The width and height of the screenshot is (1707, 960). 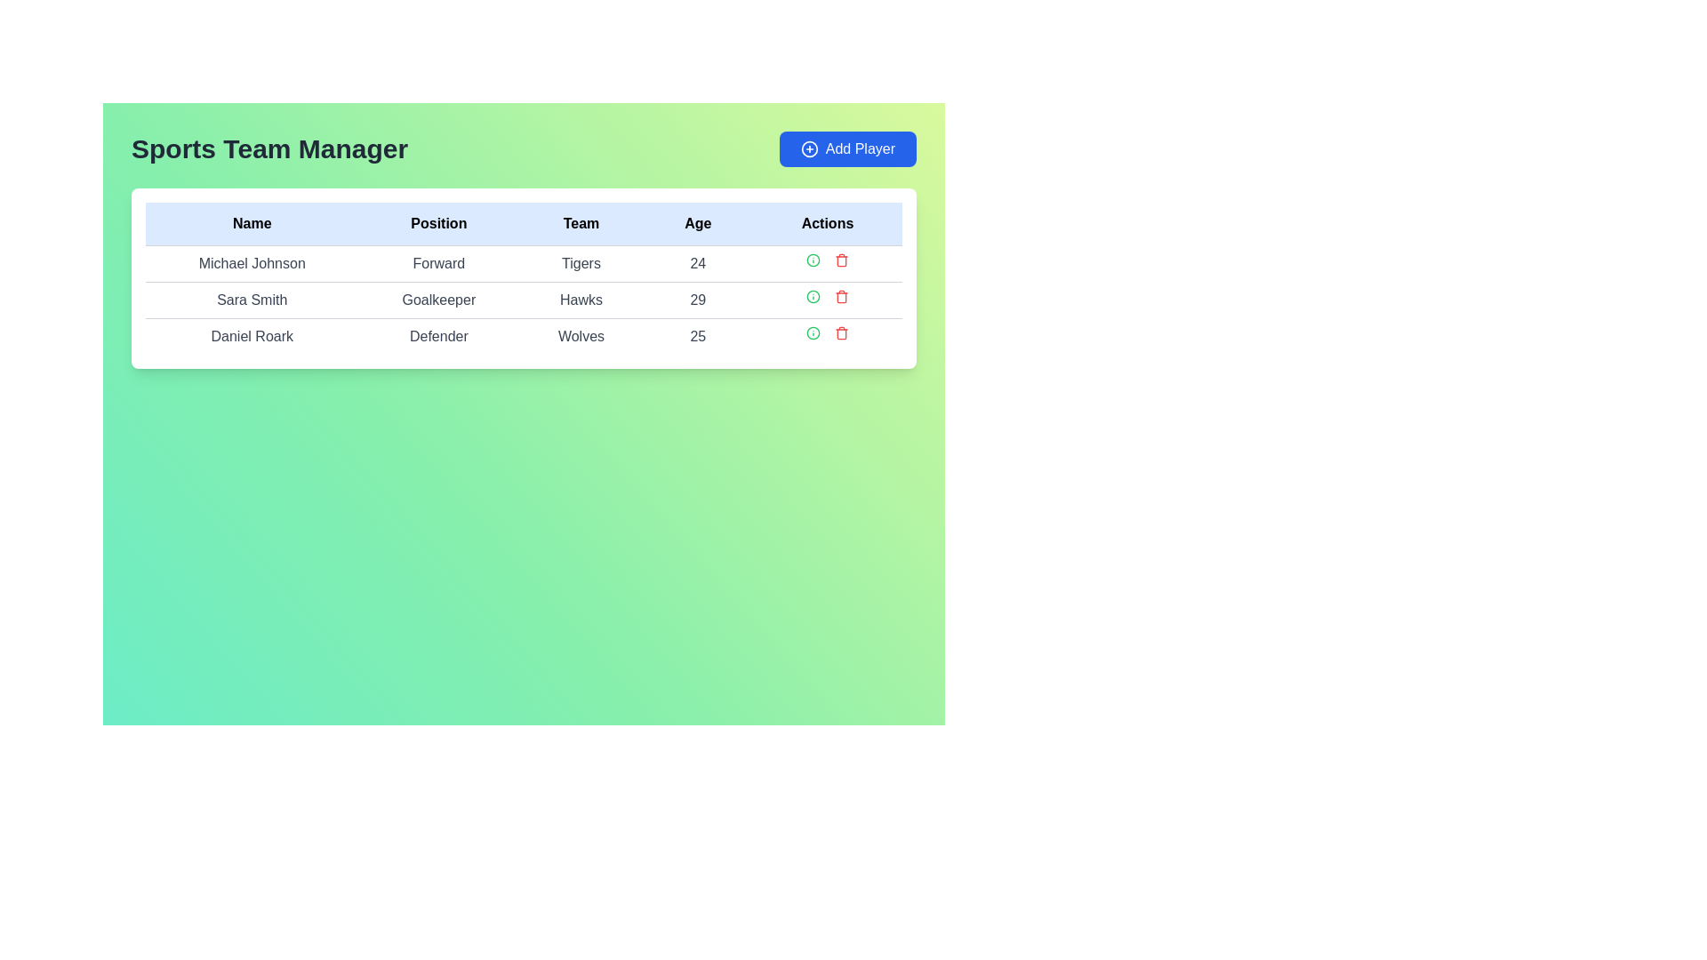 I want to click on the text label displaying 'Sports Team Manager' in a bold, large font on a light green background located in the upper-left corner of the interface, so click(x=268, y=148).